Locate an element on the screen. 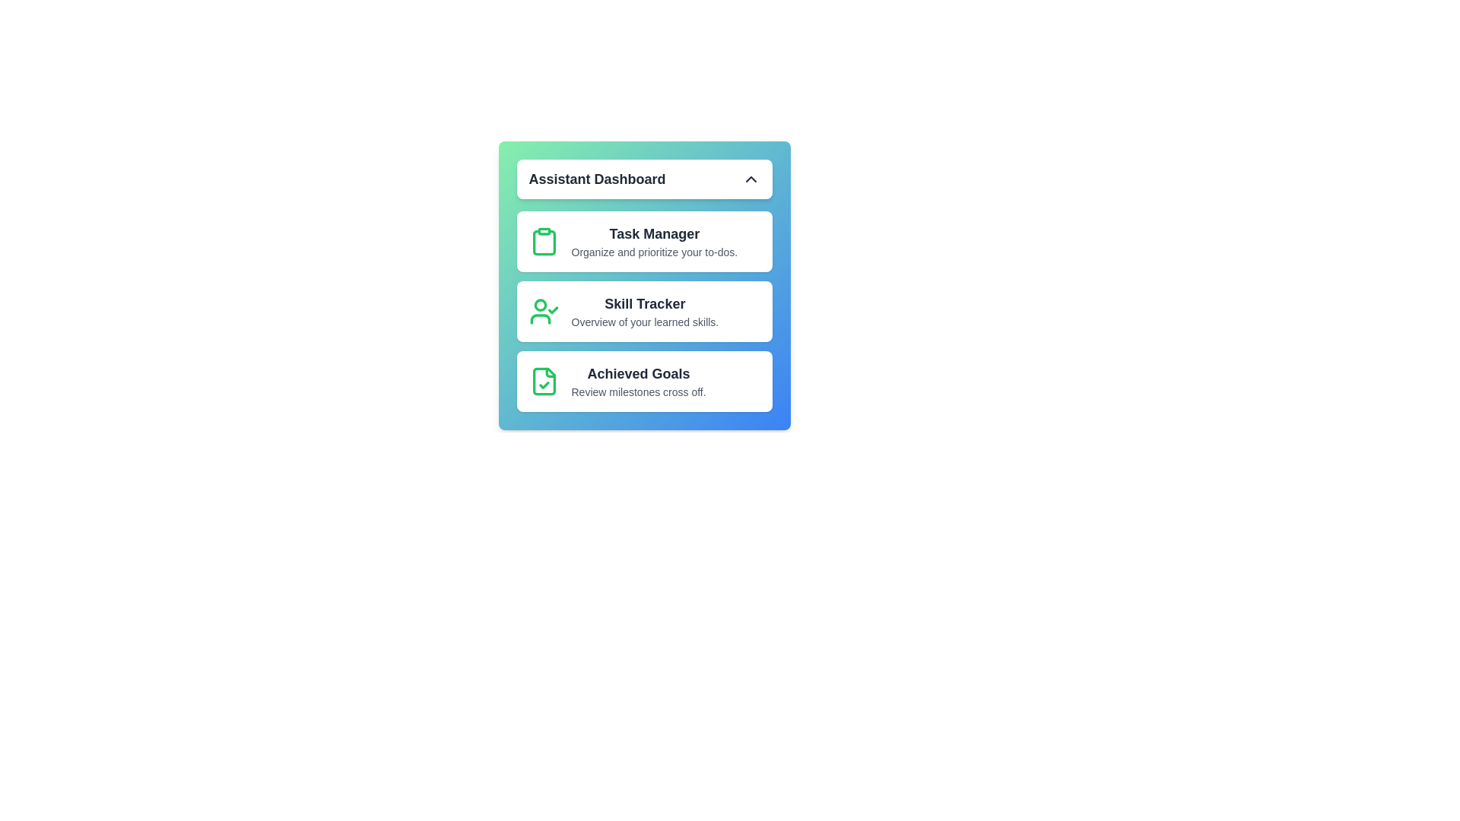 This screenshot has width=1460, height=821. the option 'Task Manager' from the list is located at coordinates (644, 240).